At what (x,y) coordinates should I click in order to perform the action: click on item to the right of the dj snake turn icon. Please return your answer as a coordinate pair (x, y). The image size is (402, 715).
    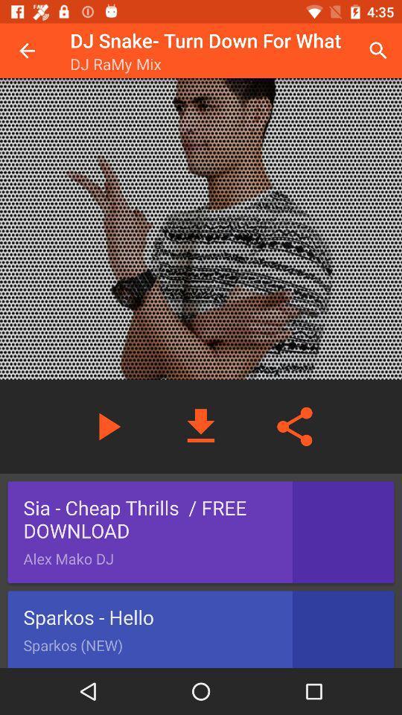
    Looking at the image, I should click on (378, 51).